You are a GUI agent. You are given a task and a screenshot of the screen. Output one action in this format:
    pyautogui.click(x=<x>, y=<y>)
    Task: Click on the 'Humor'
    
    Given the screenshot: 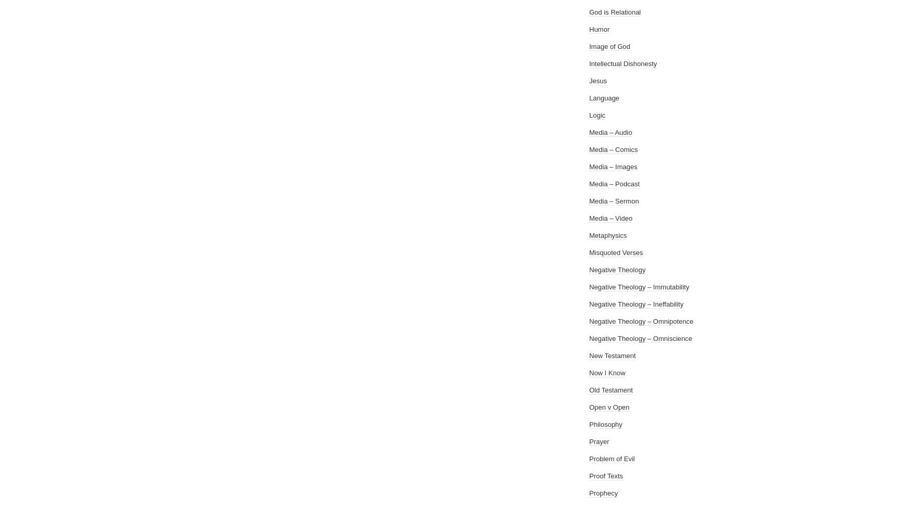 What is the action you would take?
    pyautogui.click(x=599, y=29)
    